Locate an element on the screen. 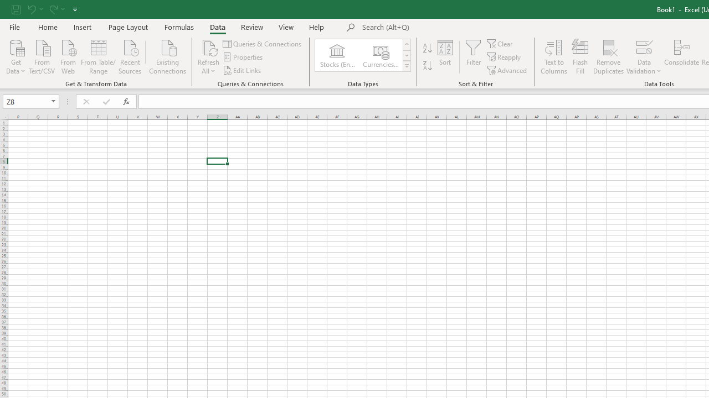 This screenshot has width=709, height=398. 'Filter' is located at coordinates (474, 57).